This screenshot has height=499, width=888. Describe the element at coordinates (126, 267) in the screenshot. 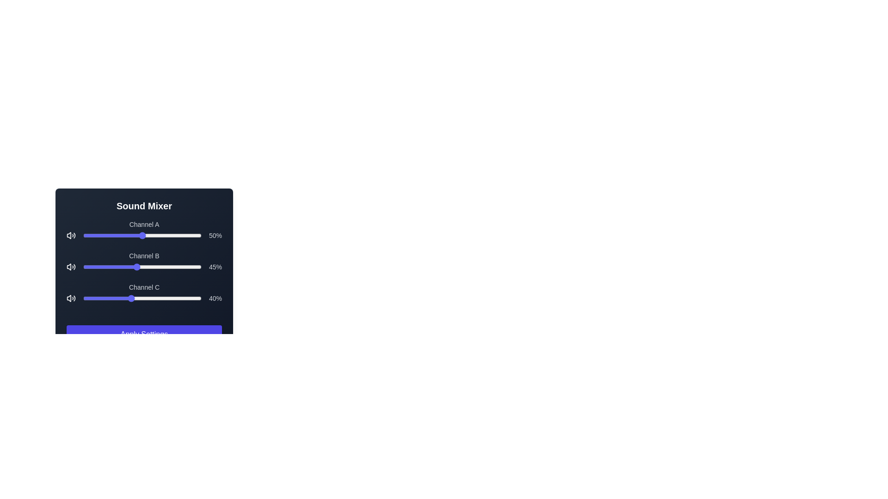

I see `the Channel B volume` at that location.